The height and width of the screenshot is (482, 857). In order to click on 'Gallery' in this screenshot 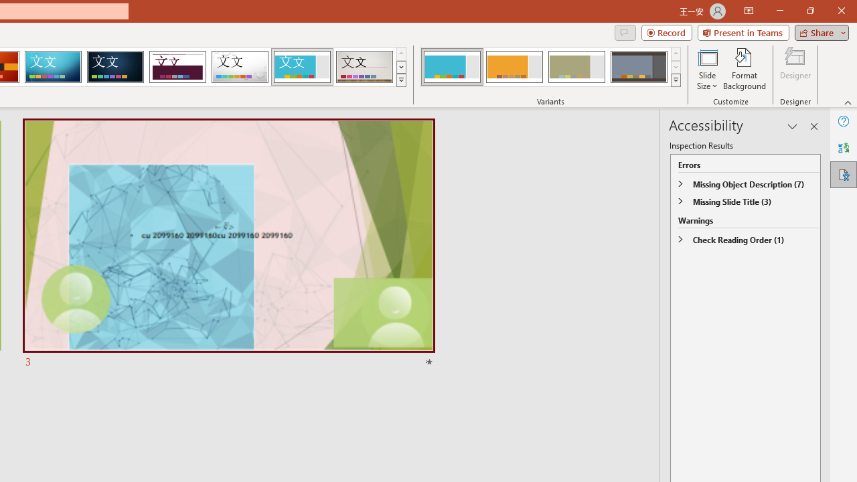, I will do `click(364, 67)`.